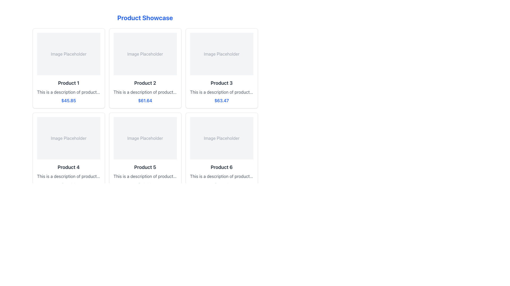  What do you see at coordinates (145, 176) in the screenshot?
I see `brief description text of 'Product 5', which is the third text element in the card located in the second row and second column of the grid layout` at bounding box center [145, 176].